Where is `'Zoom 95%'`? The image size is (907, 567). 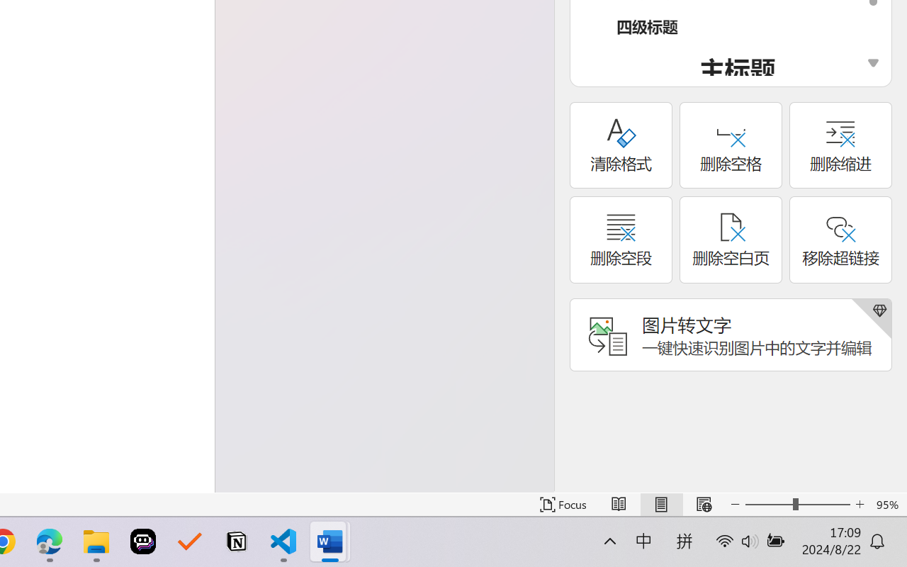
'Zoom 95%' is located at coordinates (887, 504).